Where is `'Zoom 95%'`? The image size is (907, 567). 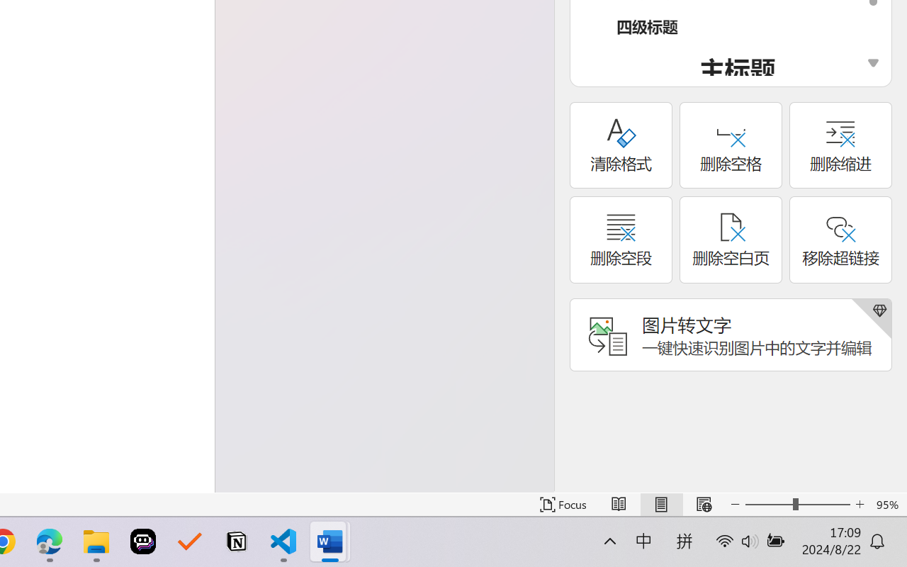
'Zoom 95%' is located at coordinates (887, 504).